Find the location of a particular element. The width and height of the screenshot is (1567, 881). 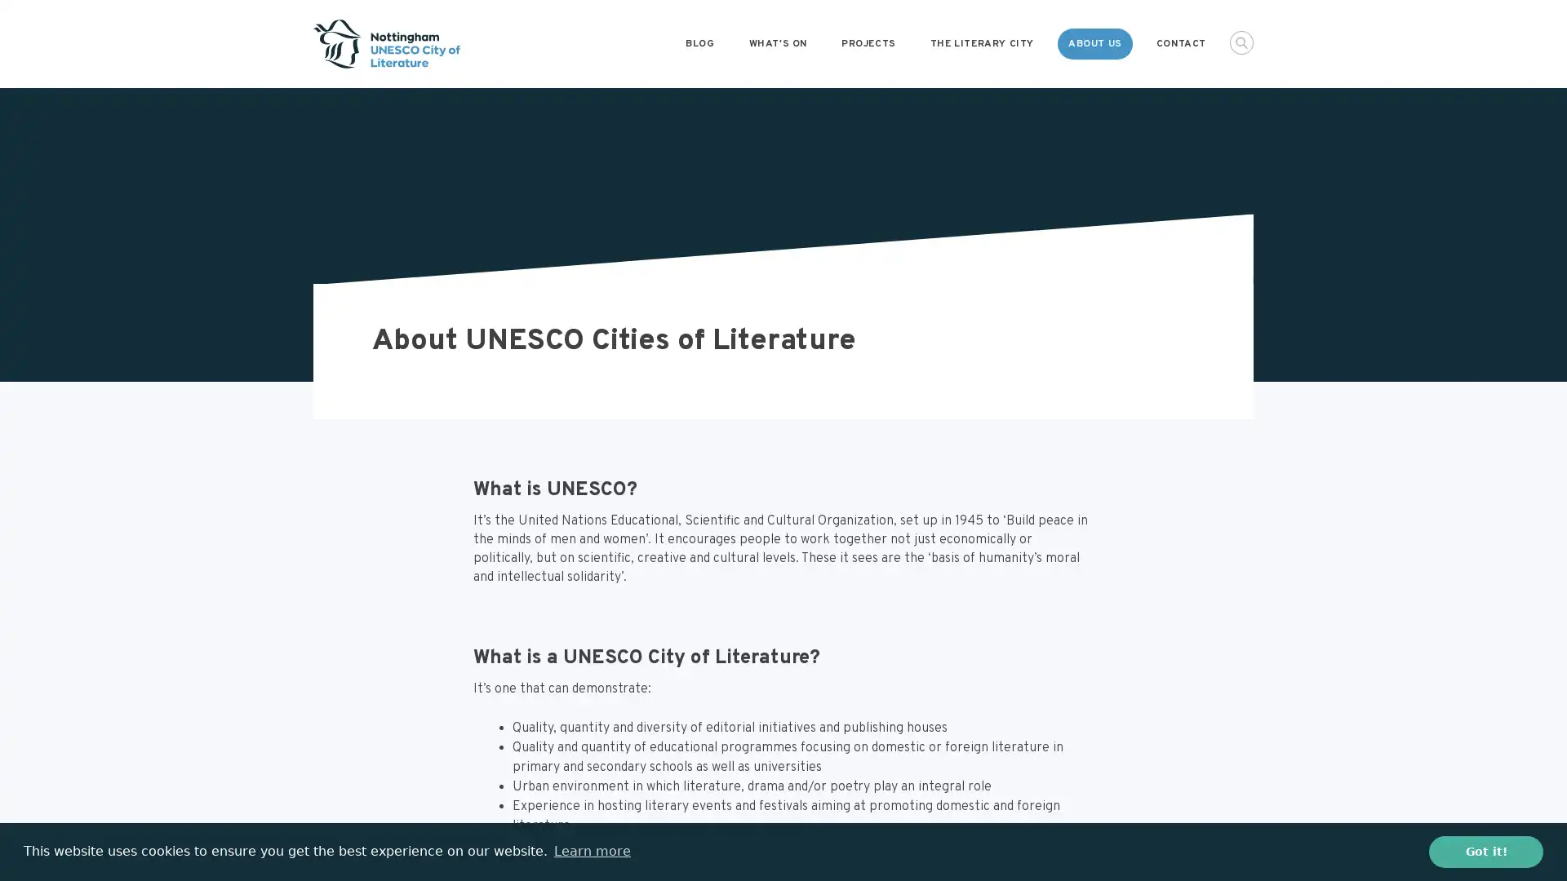

learn more about cookies is located at coordinates (591, 851).